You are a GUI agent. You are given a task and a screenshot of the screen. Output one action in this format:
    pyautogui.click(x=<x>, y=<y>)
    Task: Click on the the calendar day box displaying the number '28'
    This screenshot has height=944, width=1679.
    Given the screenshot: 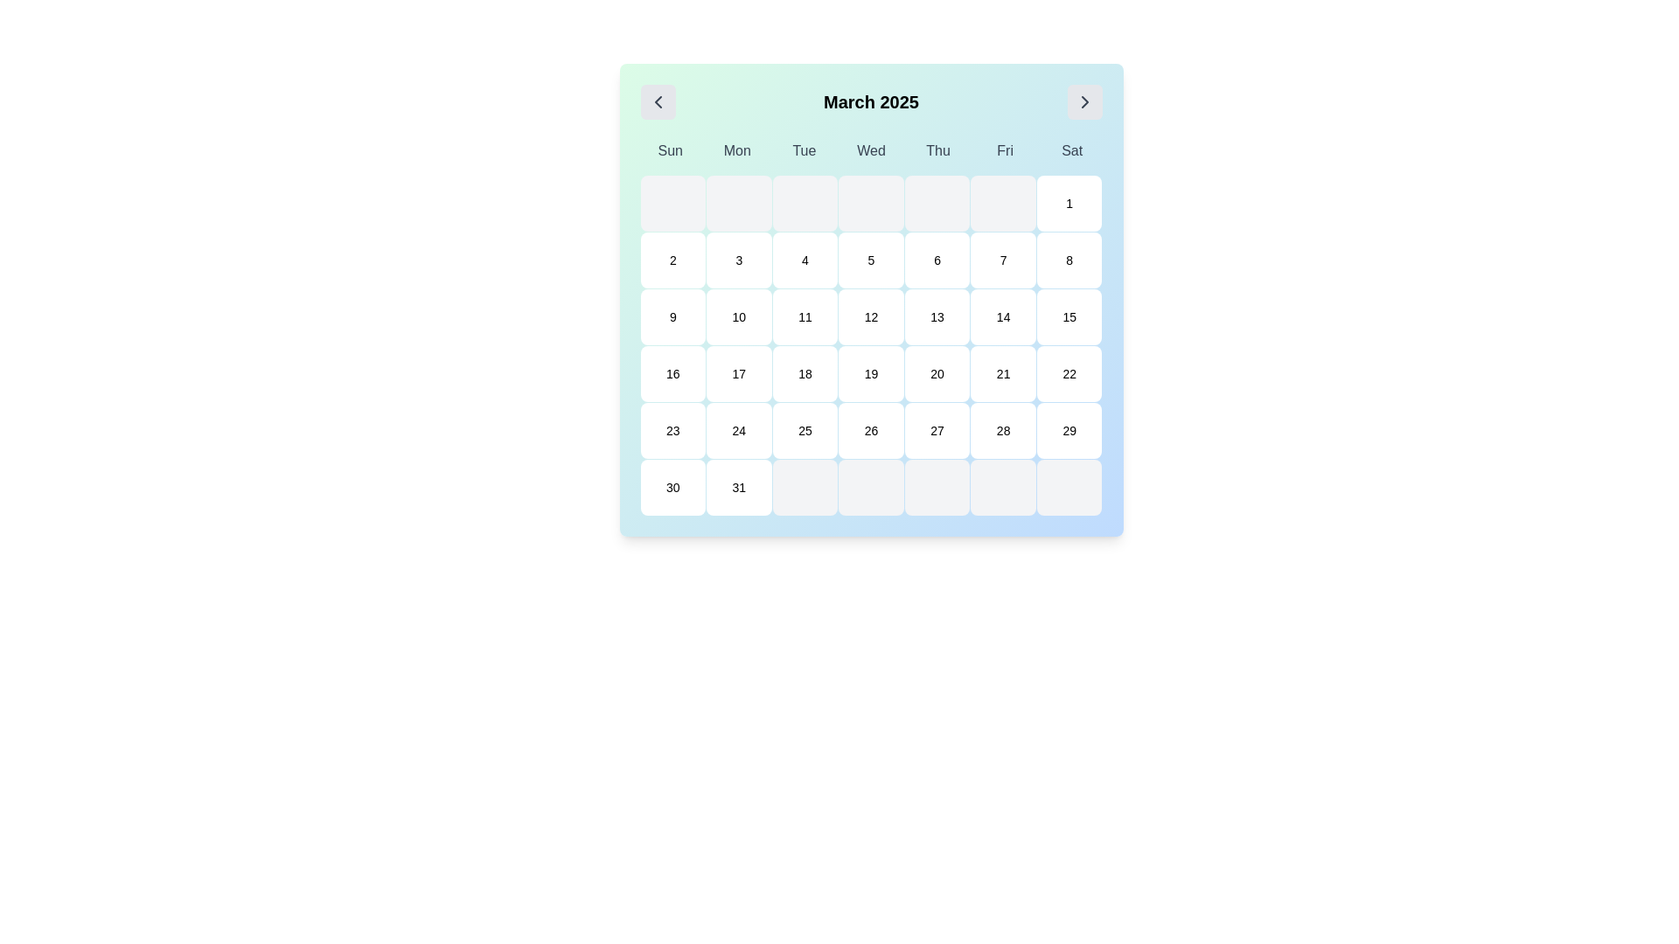 What is the action you would take?
    pyautogui.click(x=1003, y=431)
    